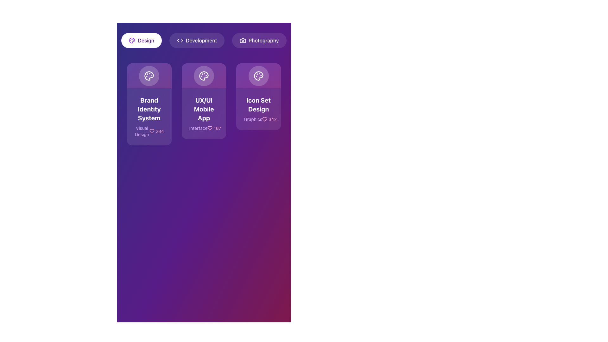 This screenshot has height=342, width=608. Describe the element at coordinates (258, 97) in the screenshot. I see `to select the card with a purple gradient background and an icon of a palette, labeled 'Icon Set Design' with 'Graphics342' below it, located at the far right of the row under the 'Design' tab` at that location.